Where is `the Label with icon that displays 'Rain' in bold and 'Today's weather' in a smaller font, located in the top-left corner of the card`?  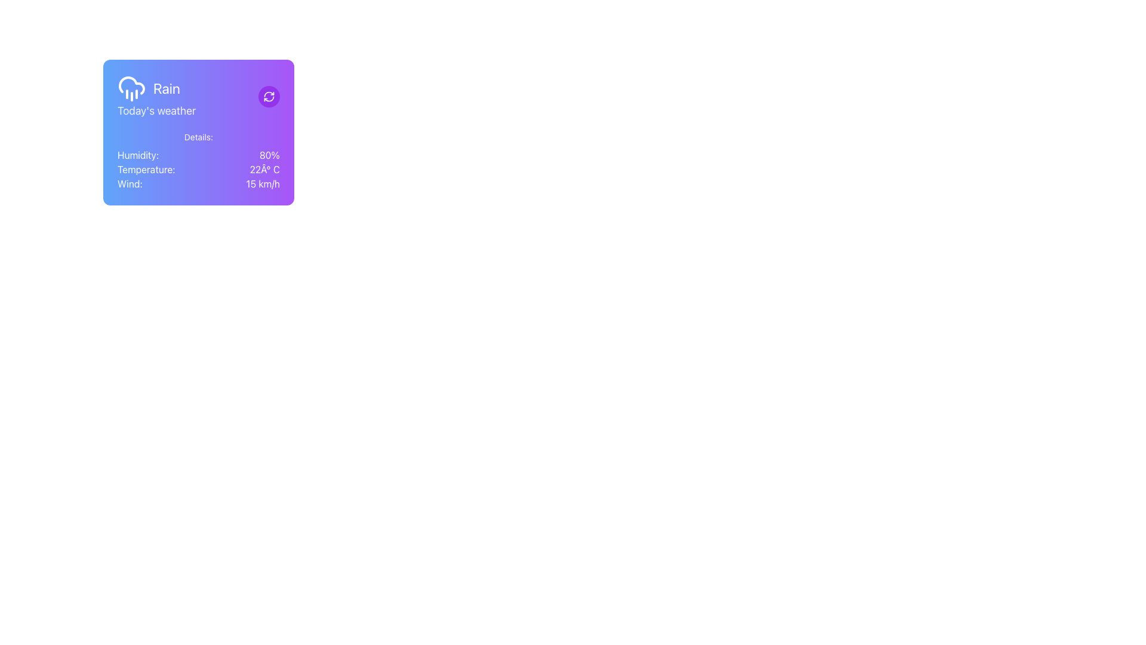 the Label with icon that displays 'Rain' in bold and 'Today's weather' in a smaller font, located in the top-left corner of the card is located at coordinates (156, 96).